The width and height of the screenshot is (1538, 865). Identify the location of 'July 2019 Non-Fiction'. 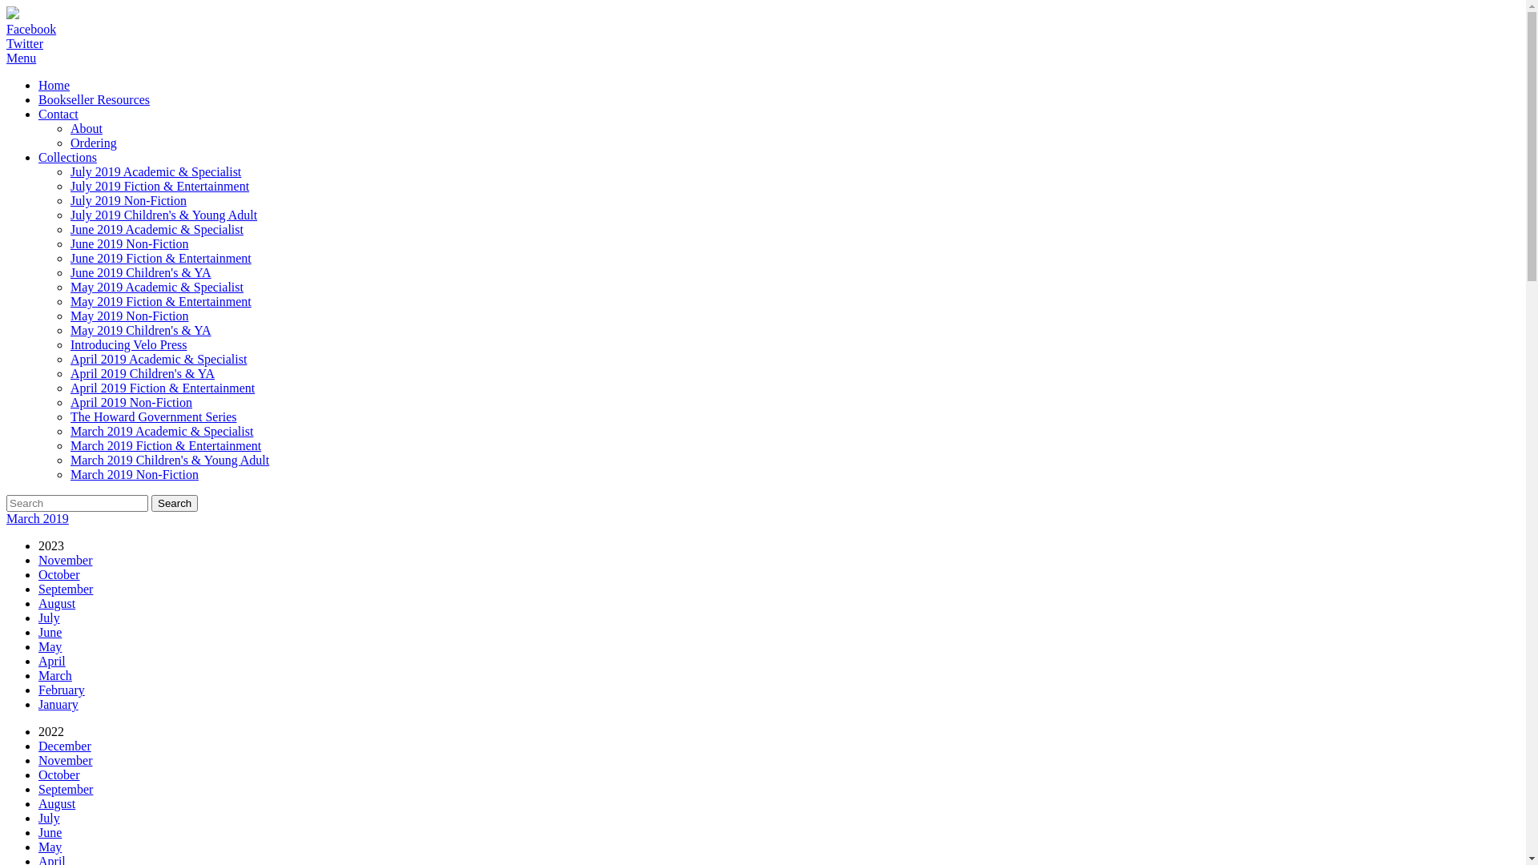
(128, 199).